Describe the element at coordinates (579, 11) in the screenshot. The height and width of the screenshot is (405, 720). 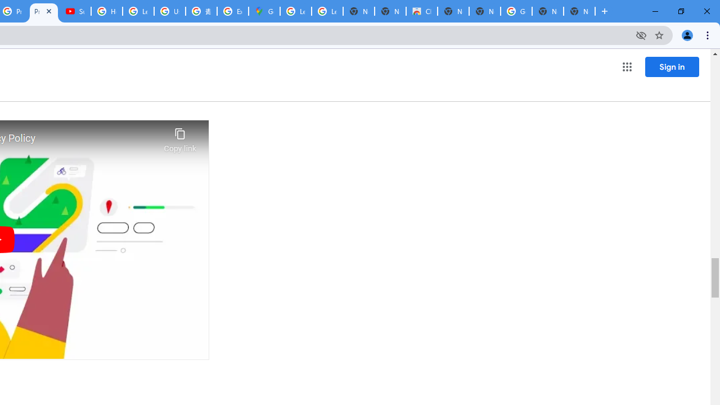
I see `'New Tab'` at that location.